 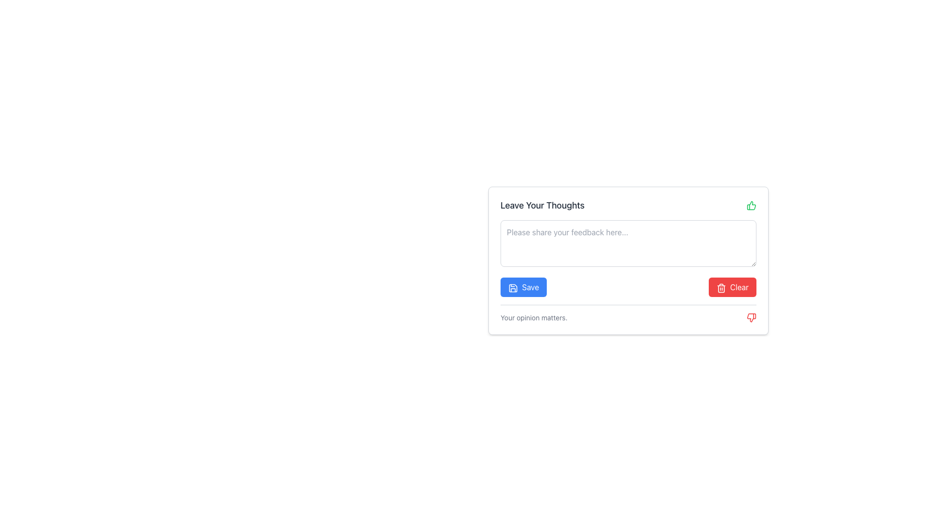 What do you see at coordinates (751, 205) in the screenshot?
I see `the positive feedback icon located in the top-right corner of the feedback submission box to provide positive feedback` at bounding box center [751, 205].